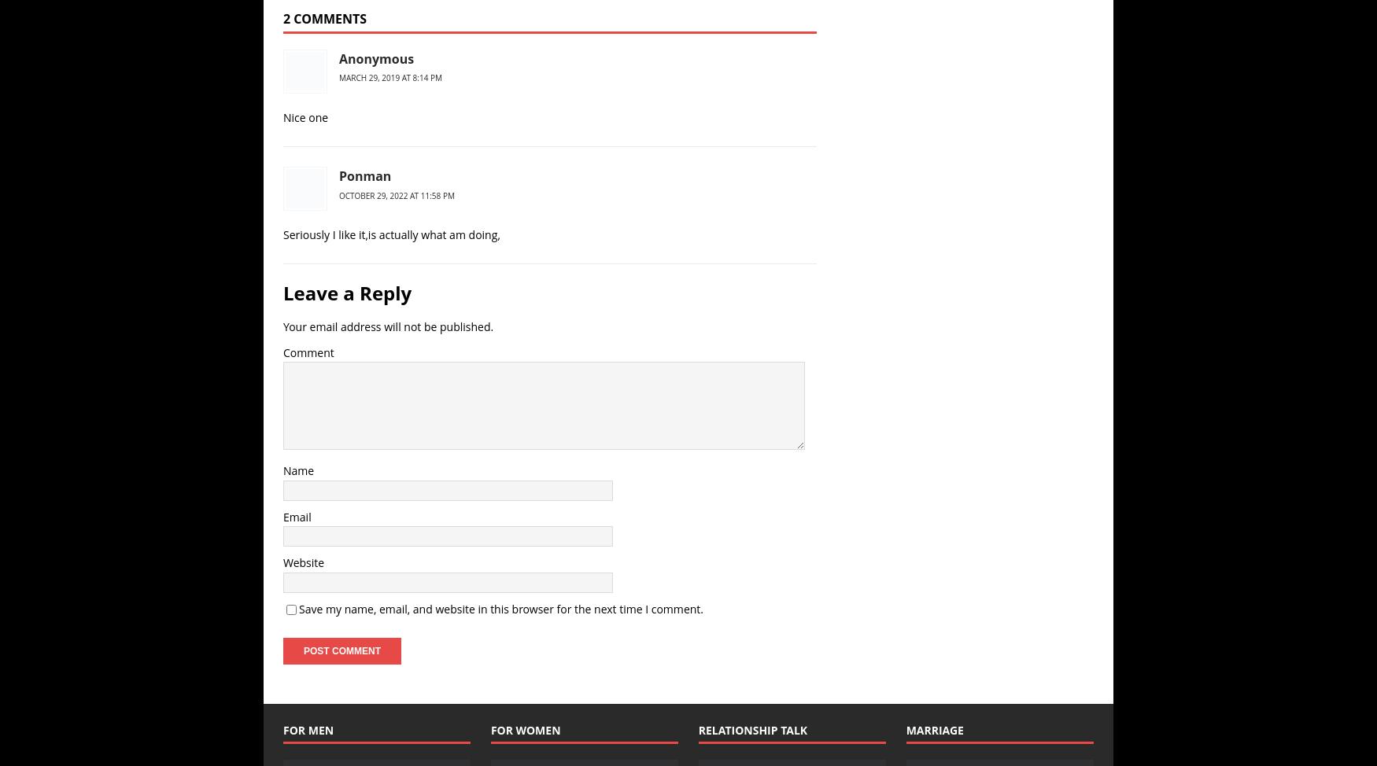 Image resolution: width=1377 pixels, height=766 pixels. What do you see at coordinates (388, 326) in the screenshot?
I see `'Your email address will not be published.'` at bounding box center [388, 326].